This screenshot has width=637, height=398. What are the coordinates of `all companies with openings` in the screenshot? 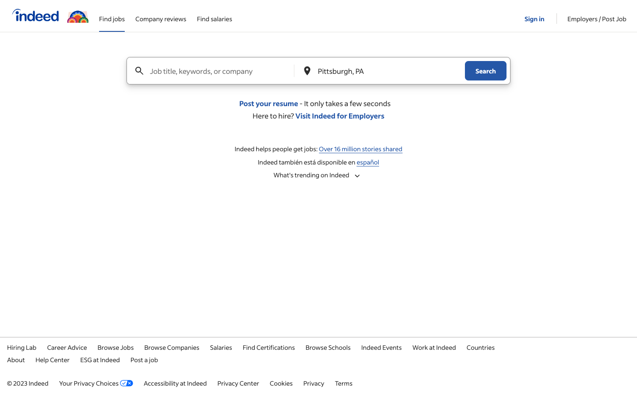 It's located at (171, 346).